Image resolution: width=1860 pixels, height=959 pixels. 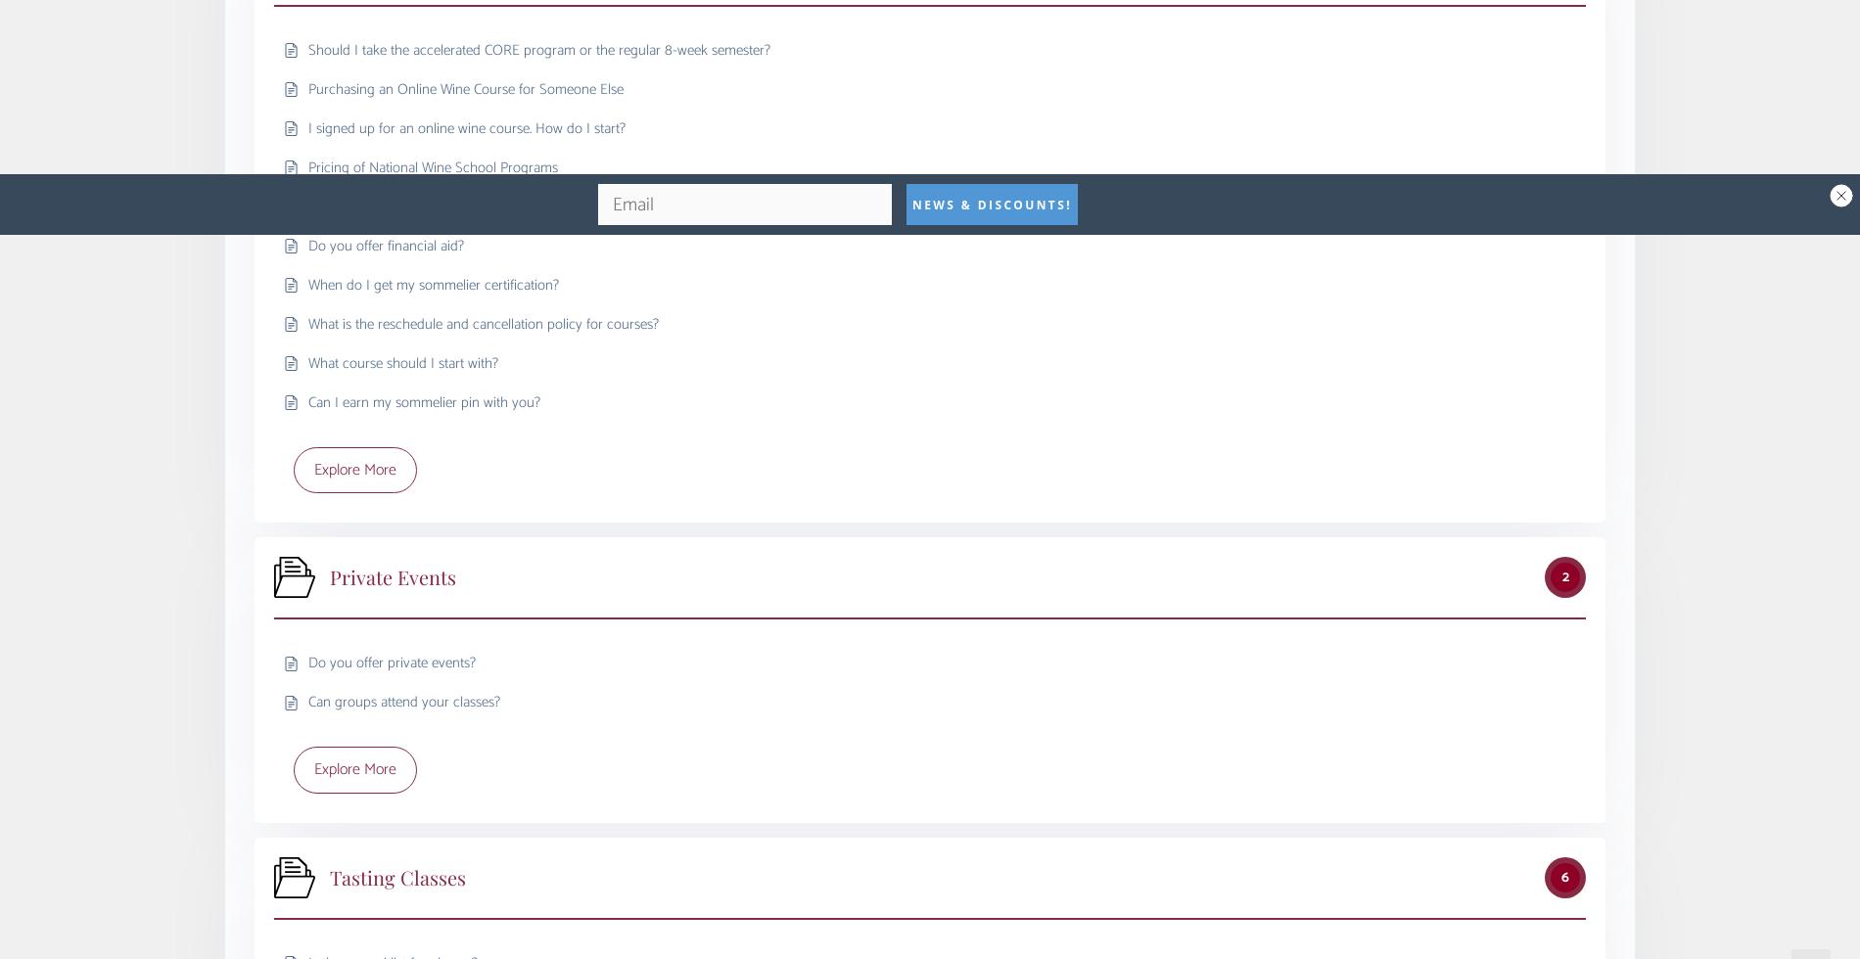 I want to click on '6', so click(x=1561, y=876).